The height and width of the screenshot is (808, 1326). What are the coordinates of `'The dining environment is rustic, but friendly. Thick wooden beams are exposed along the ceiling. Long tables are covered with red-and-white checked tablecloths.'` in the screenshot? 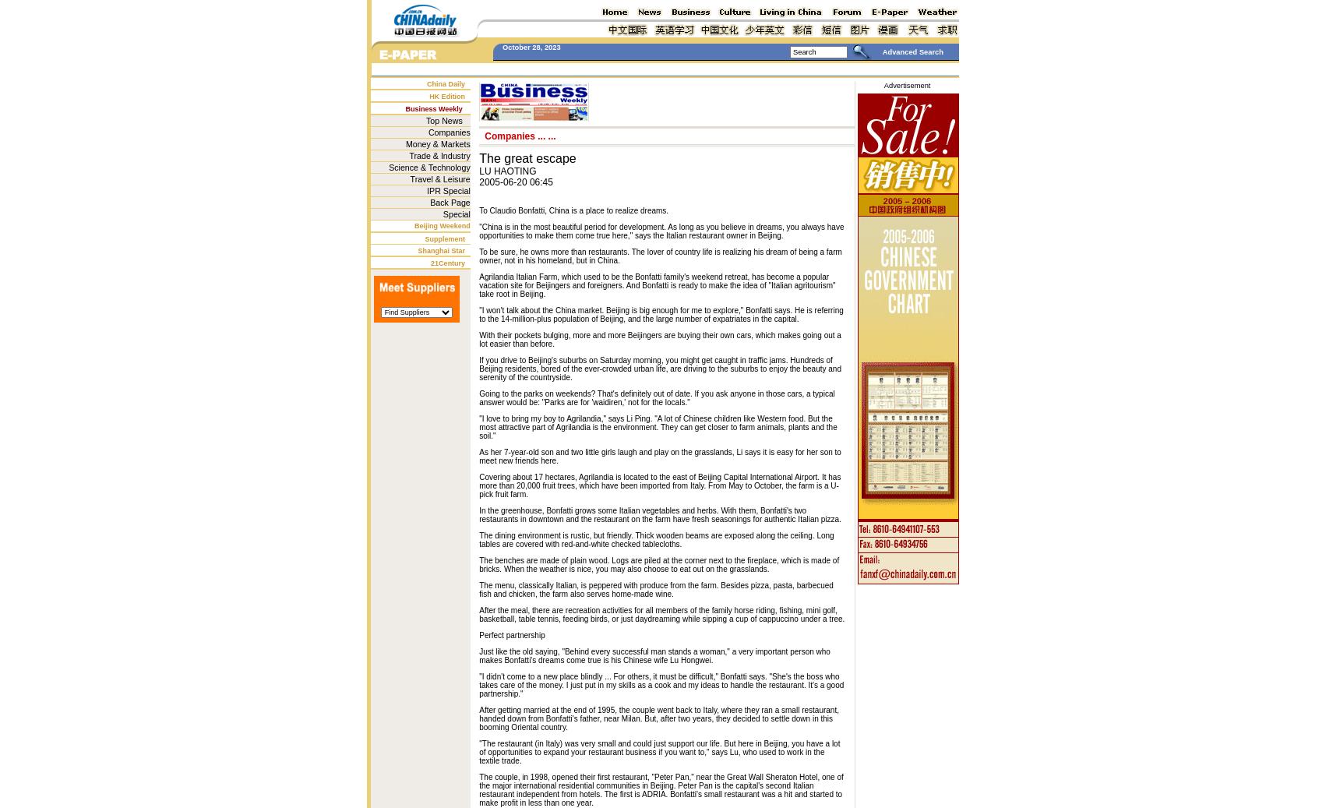 It's located at (478, 540).